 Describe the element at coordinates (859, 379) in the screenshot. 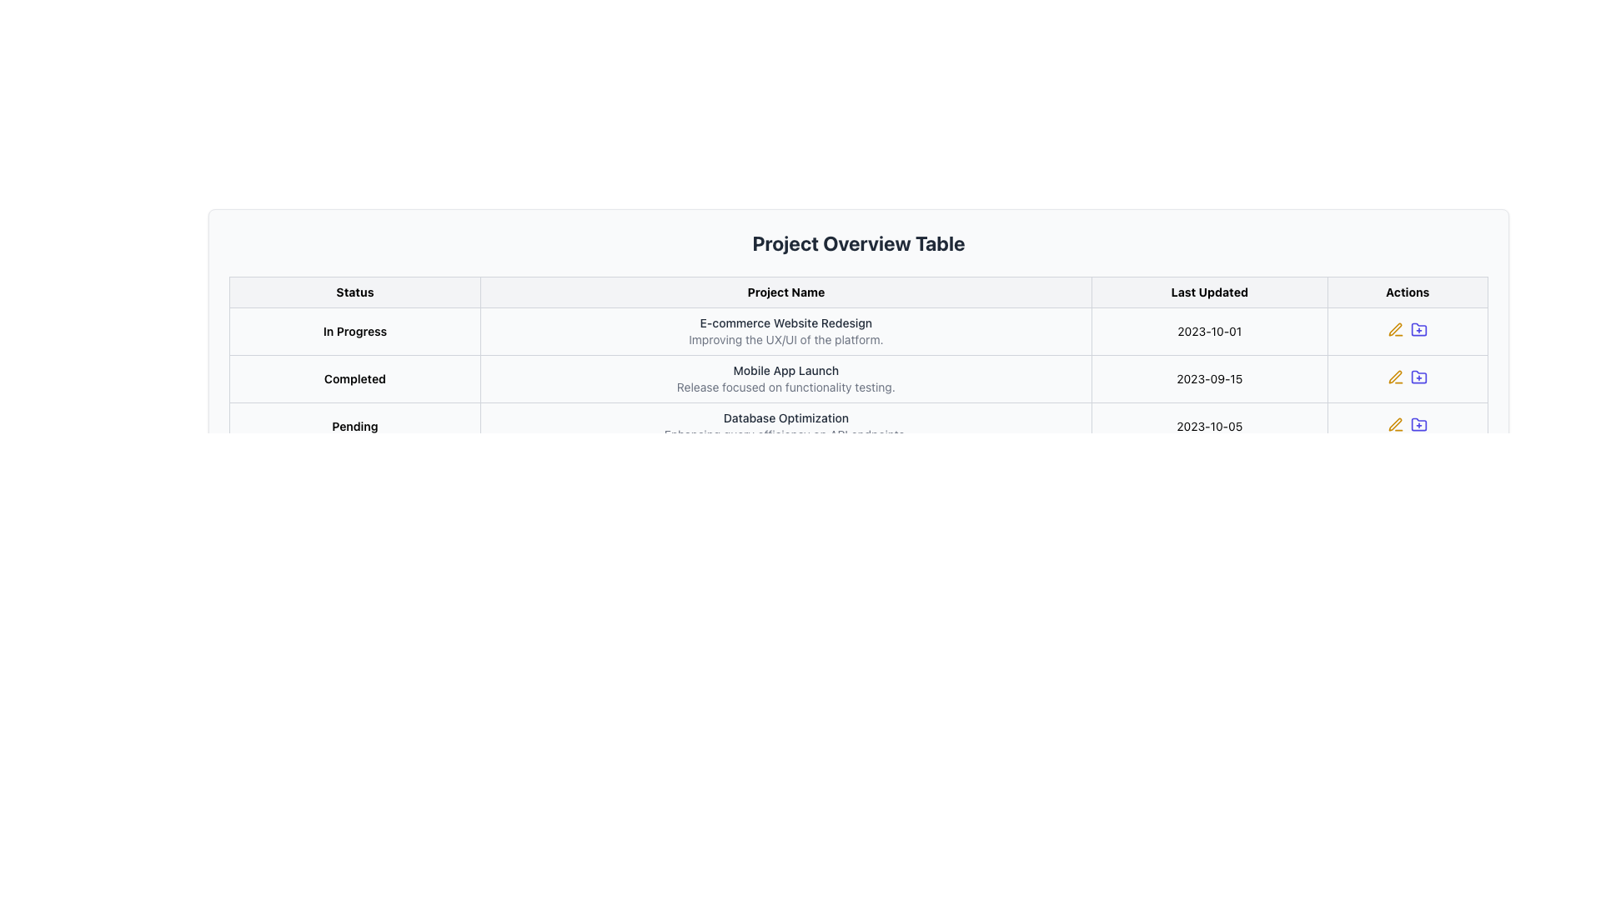

I see `the second row of the table that displays the project details for 'Mobile App Launch' with bold green text indicating 'Completed'` at that location.